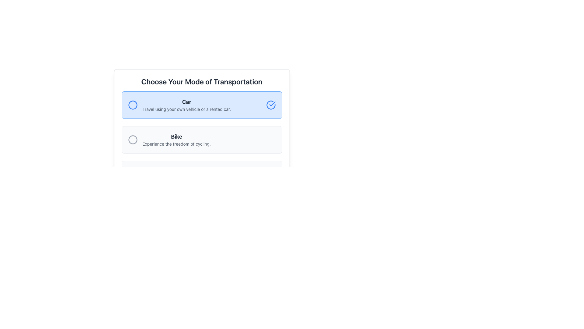  I want to click on the circular icon located in the top-left section of the blue-highlighted card labeled 'Car', which indicates selection status for transportation modes, so click(132, 104).